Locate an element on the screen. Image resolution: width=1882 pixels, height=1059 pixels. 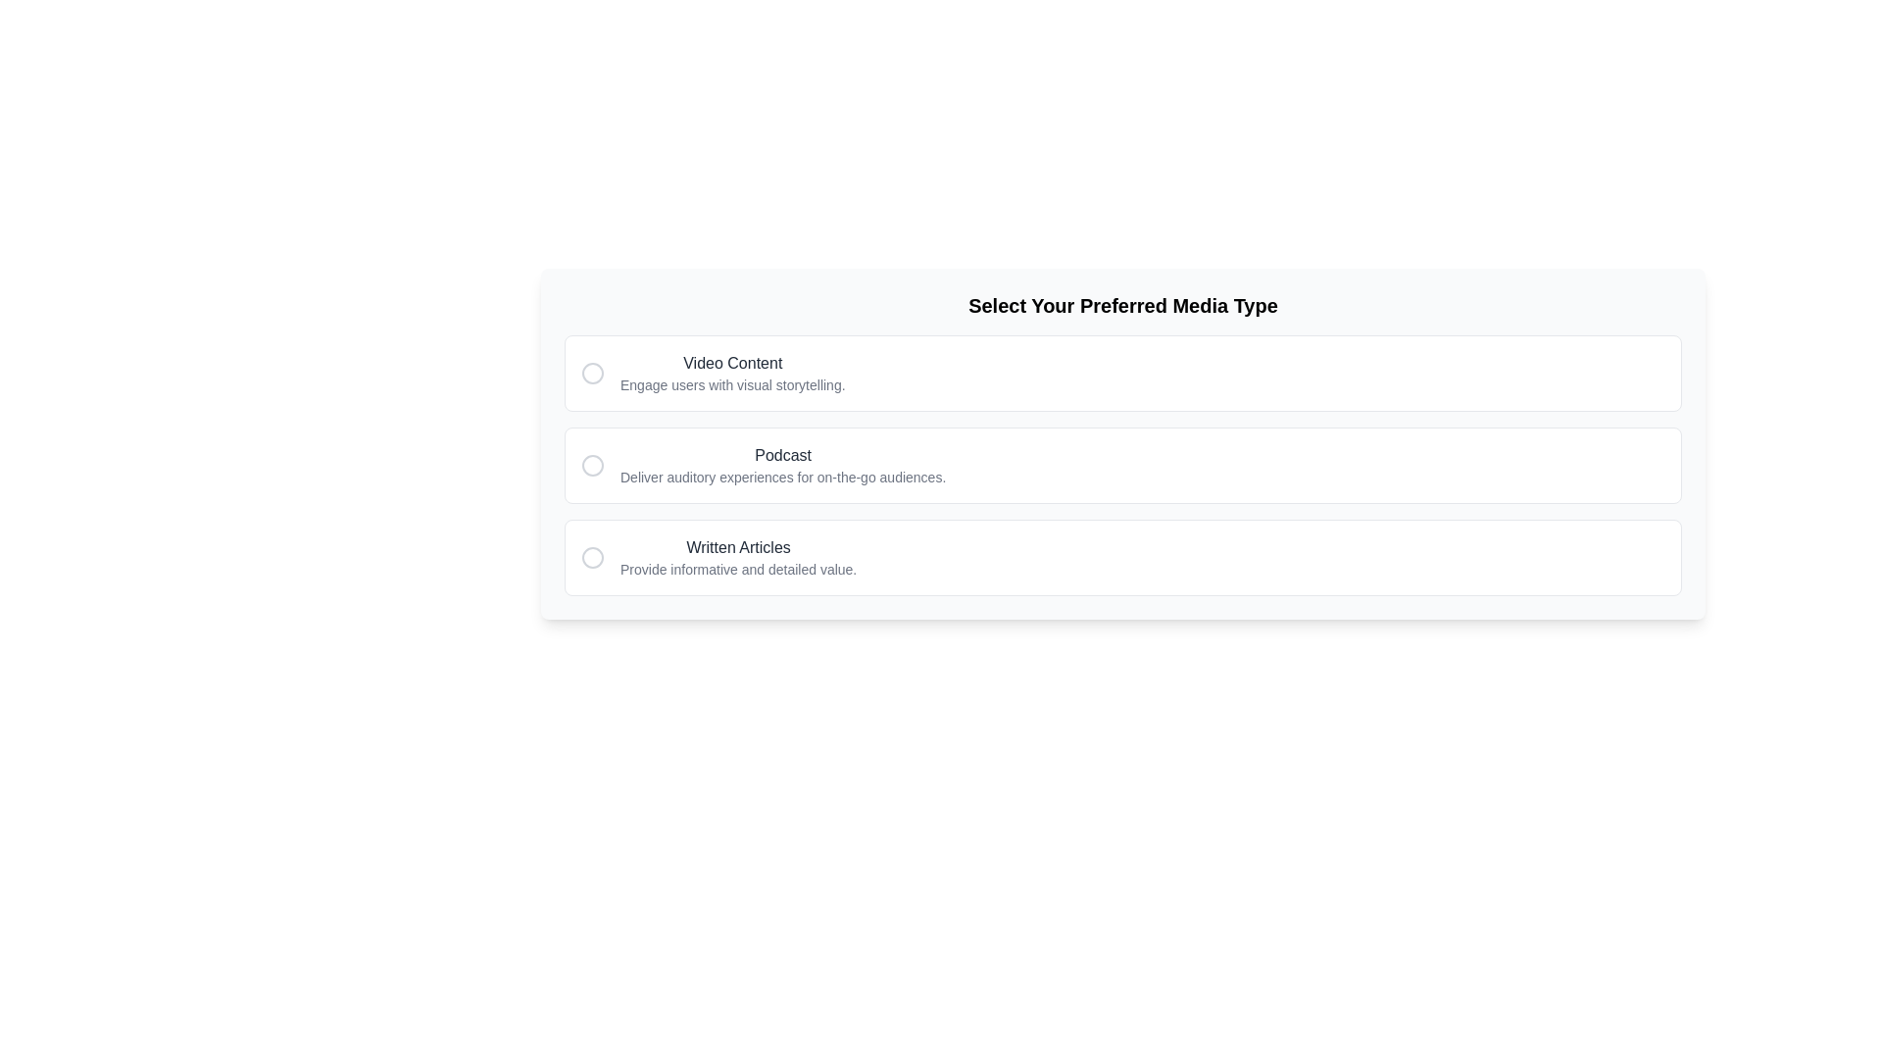
the state of the SVG circle representing the radio button next to the 'Written Articles' option in the media type selection area is located at coordinates (591, 558).